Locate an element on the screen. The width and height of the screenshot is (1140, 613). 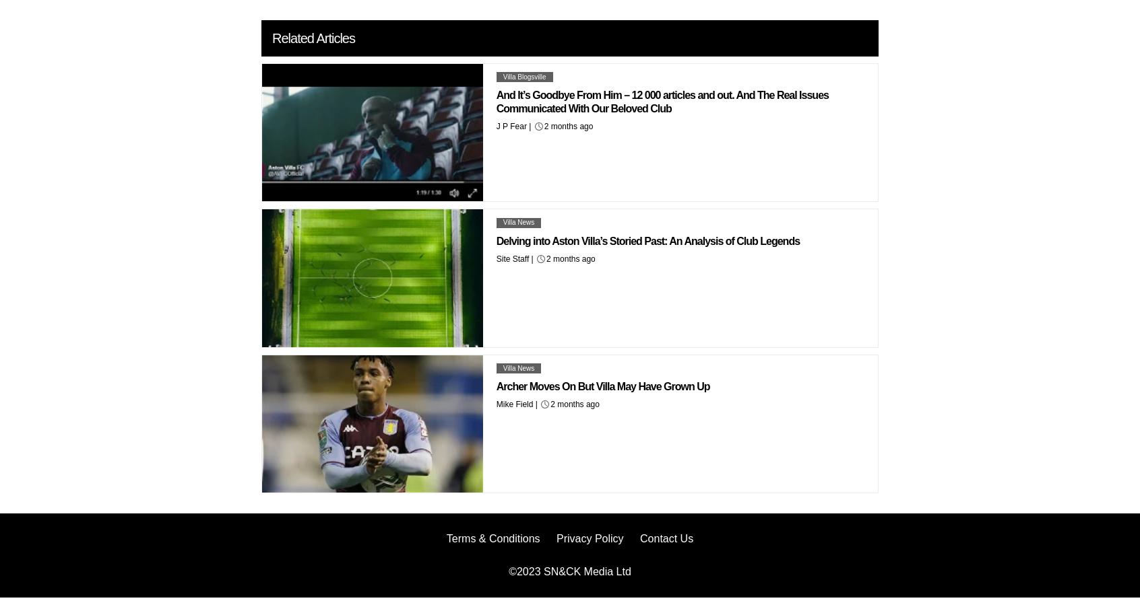
'J P Fear' is located at coordinates (495, 126).